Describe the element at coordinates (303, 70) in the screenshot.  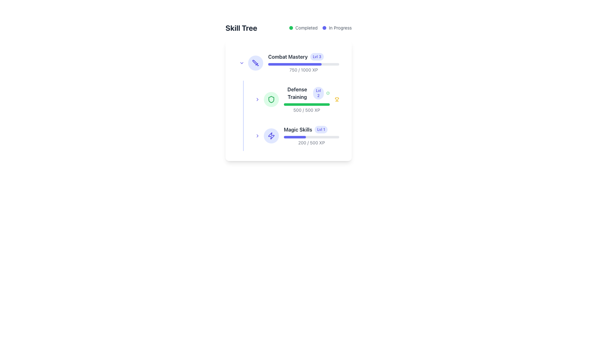
I see `text label displaying '750 / 1000 XP' located near the bottom of the 'Combat Mastery' section, beneath the progress bar` at that location.